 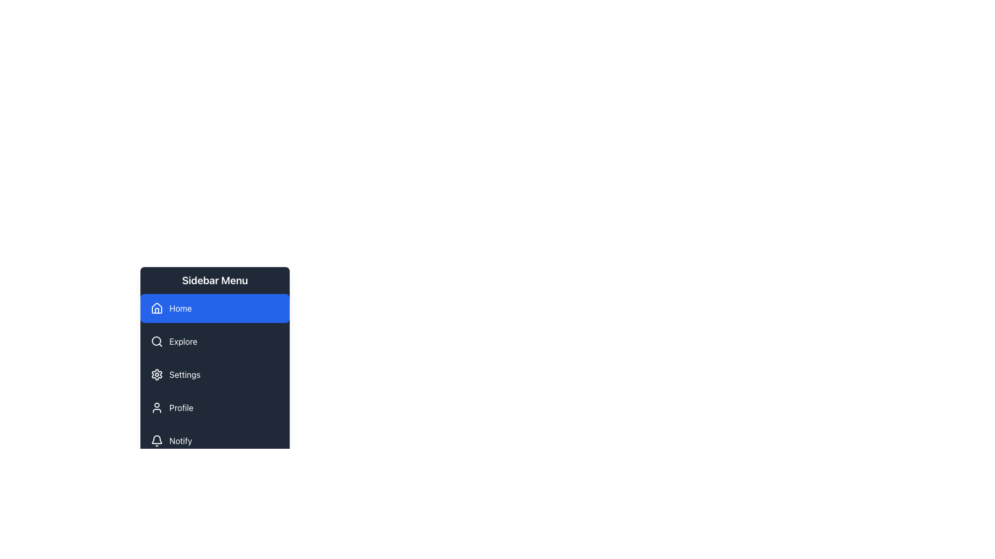 I want to click on the circular magnifying glass icon in the sidebar menu, so click(x=156, y=341).